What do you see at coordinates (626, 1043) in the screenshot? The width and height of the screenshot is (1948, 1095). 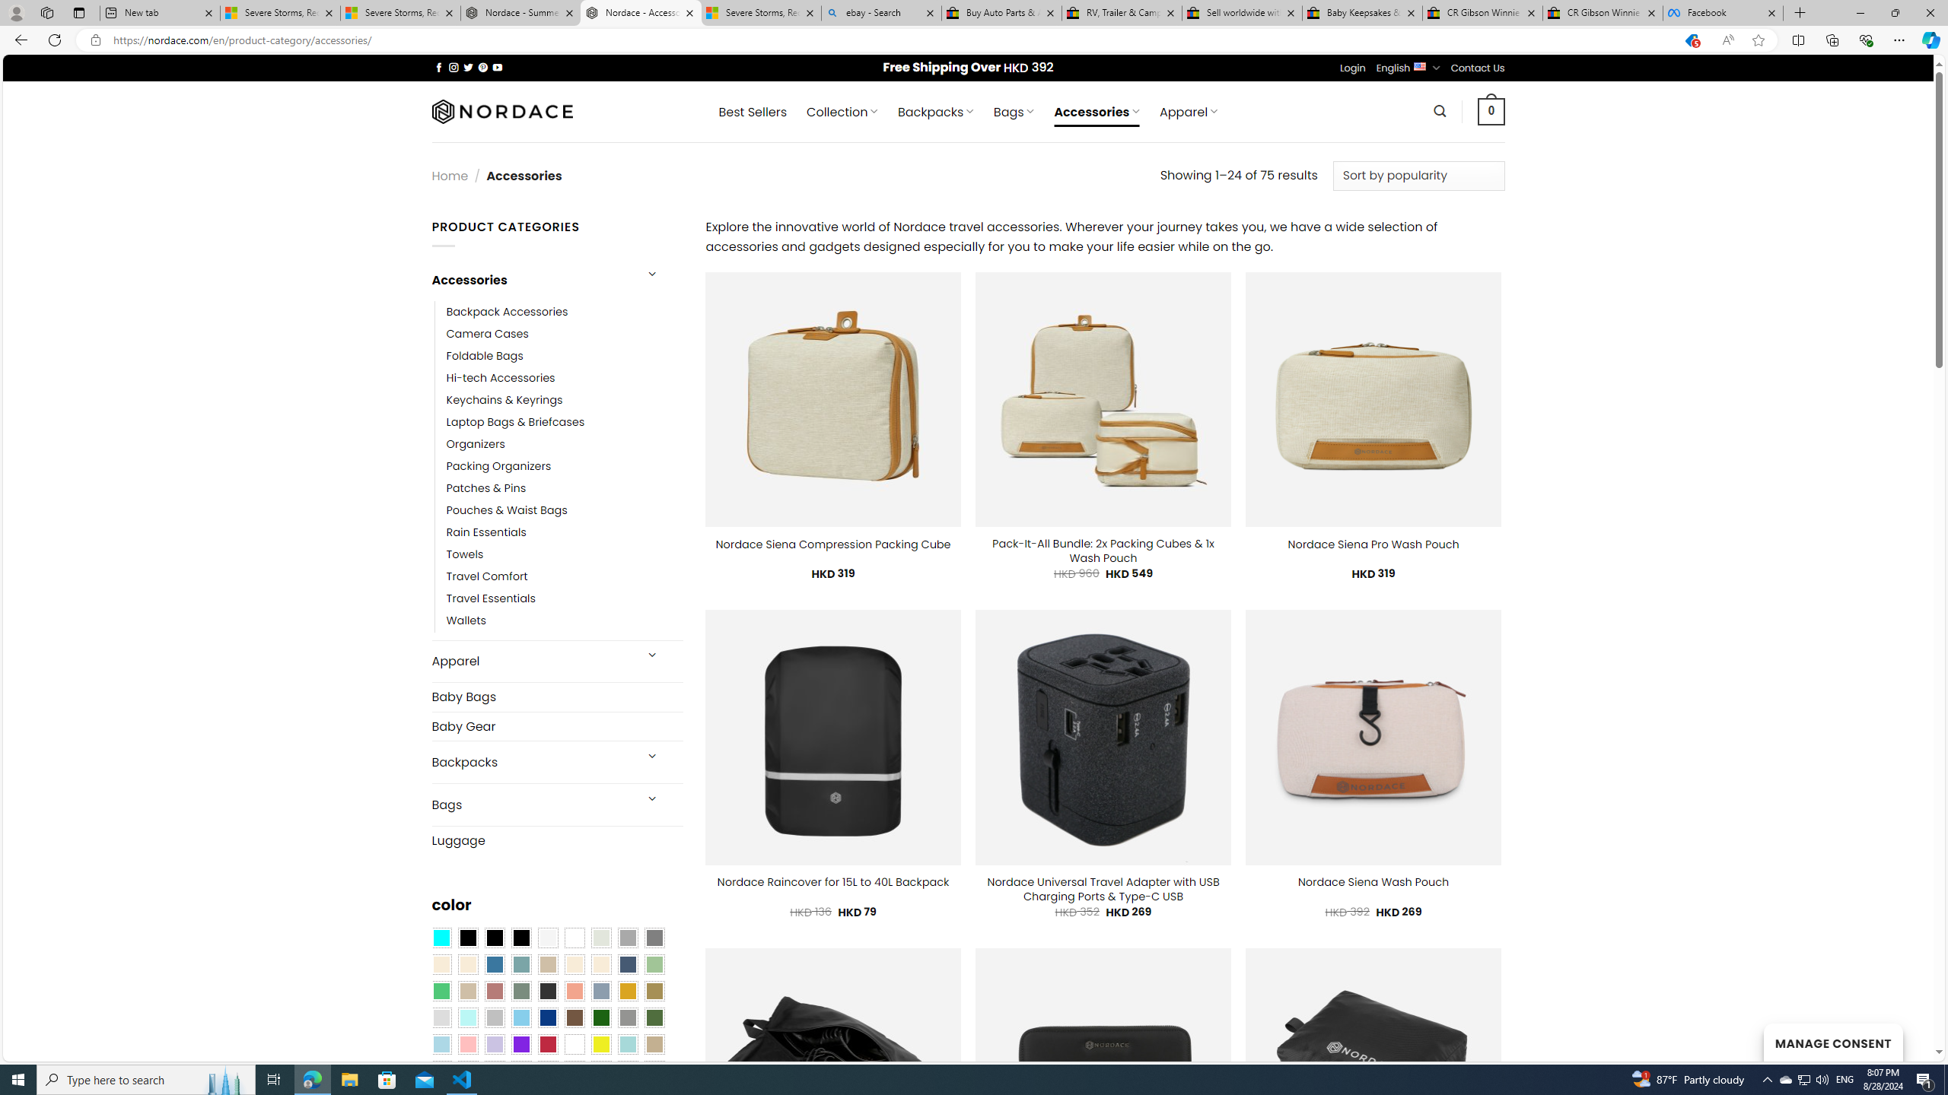 I see `'Aqua'` at bounding box center [626, 1043].